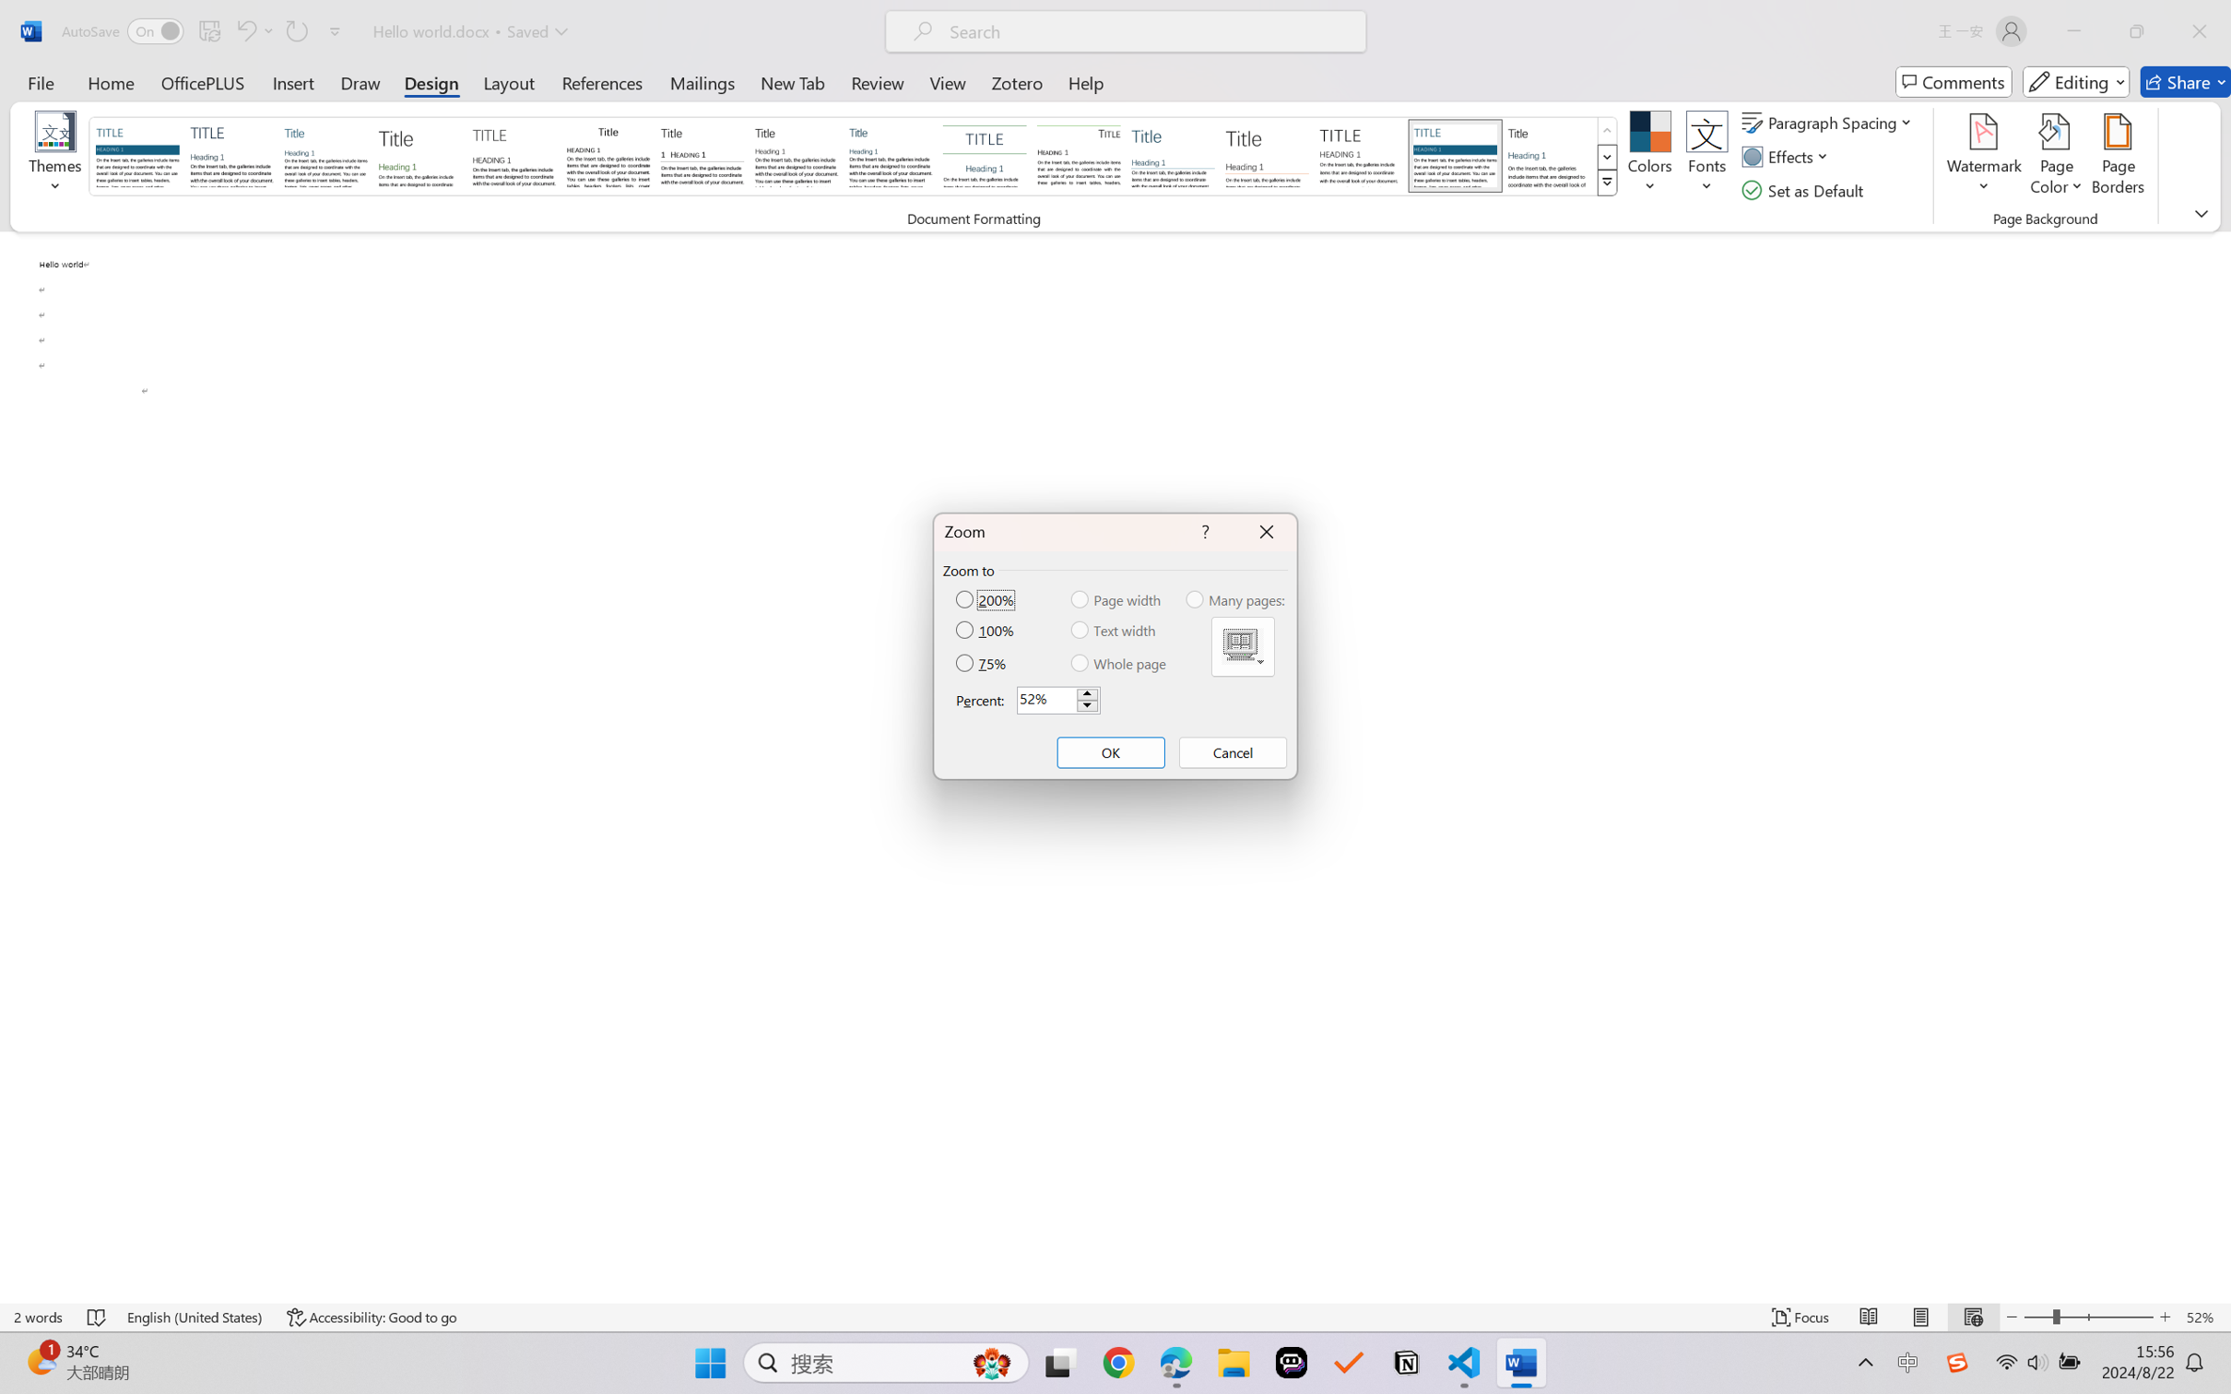  What do you see at coordinates (419, 155) in the screenshot?
I see `'Basic (Stylish)'` at bounding box center [419, 155].